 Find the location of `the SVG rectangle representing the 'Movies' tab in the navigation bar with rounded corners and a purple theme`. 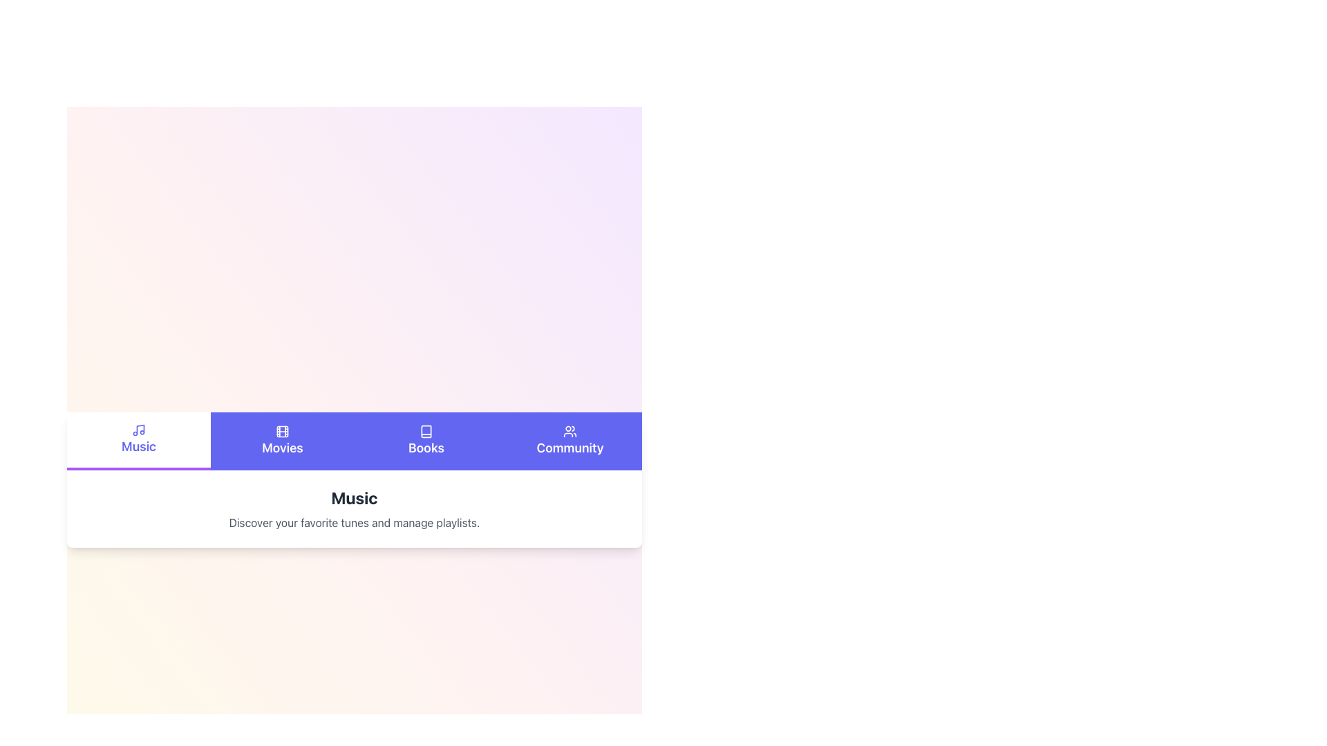

the SVG rectangle representing the 'Movies' tab in the navigation bar with rounded corners and a purple theme is located at coordinates (281, 430).